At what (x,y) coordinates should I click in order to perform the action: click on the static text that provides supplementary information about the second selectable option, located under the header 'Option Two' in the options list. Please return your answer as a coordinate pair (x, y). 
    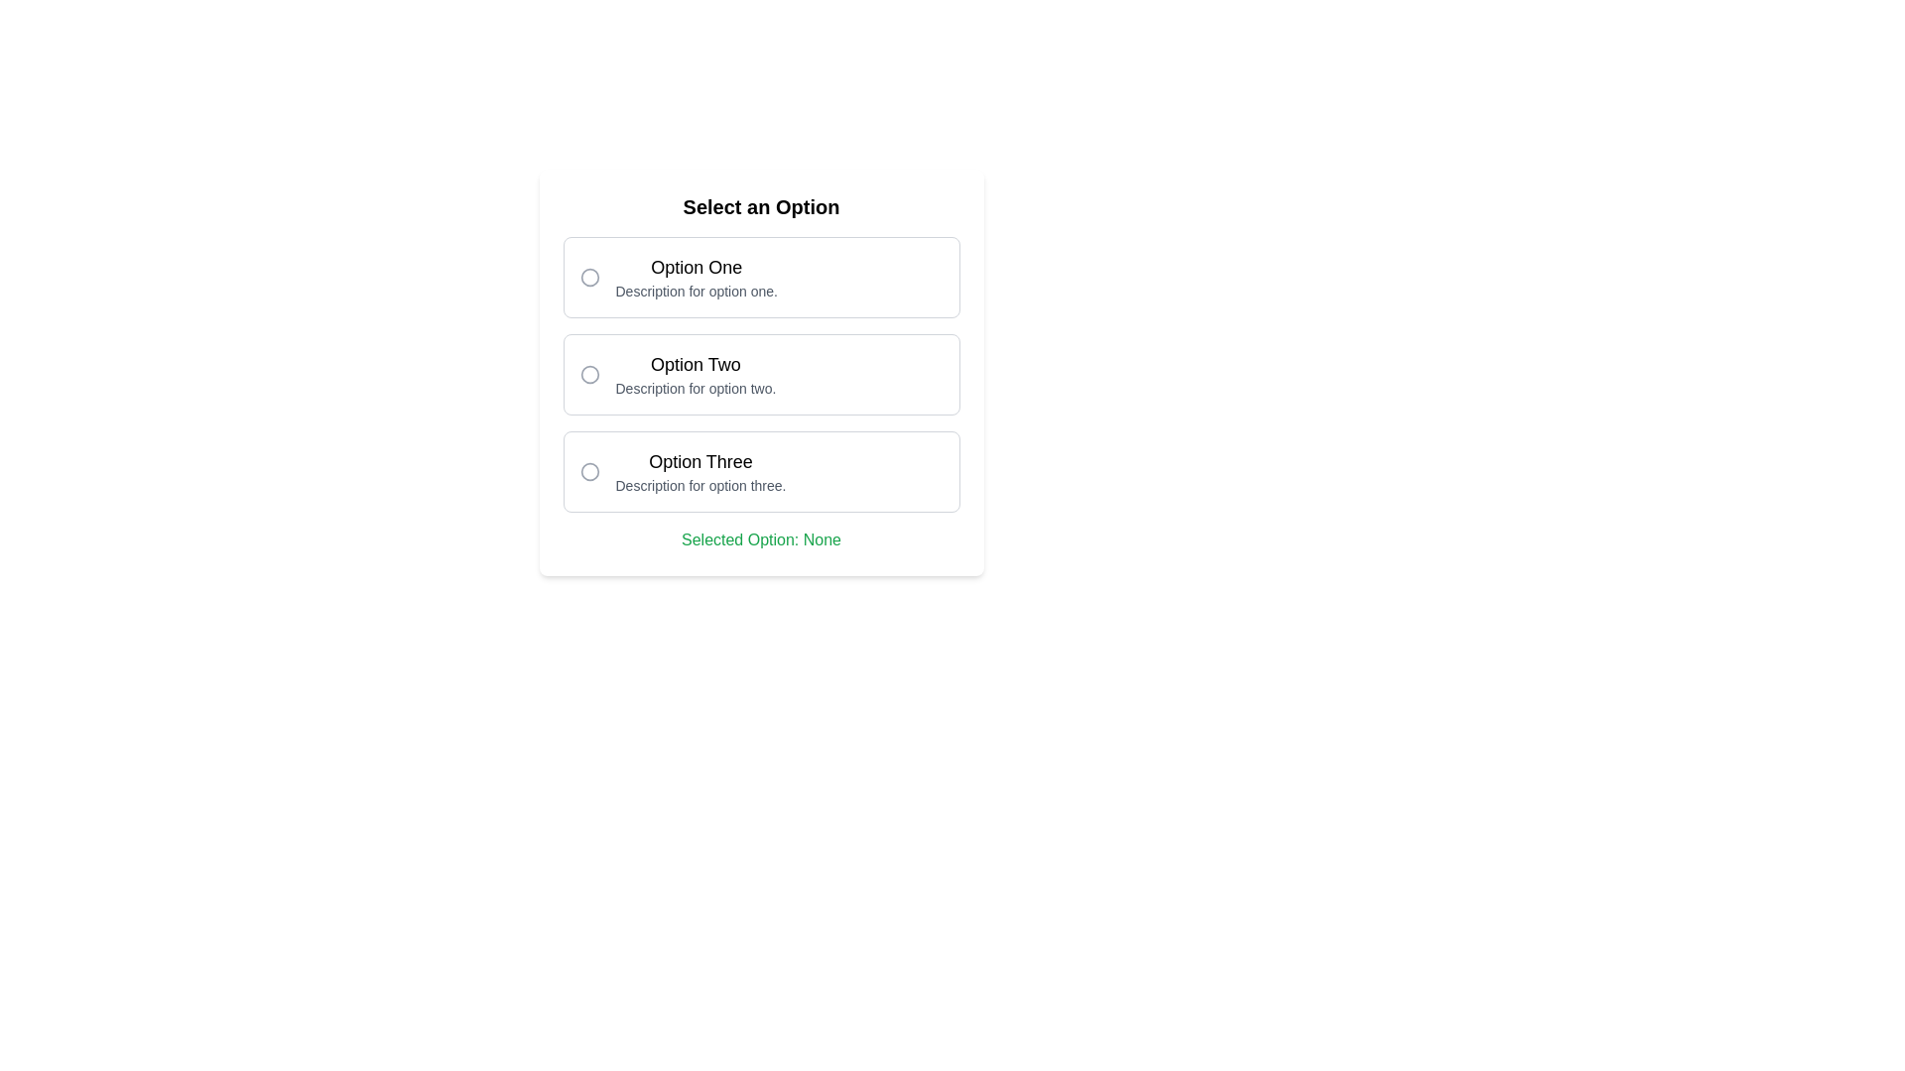
    Looking at the image, I should click on (696, 389).